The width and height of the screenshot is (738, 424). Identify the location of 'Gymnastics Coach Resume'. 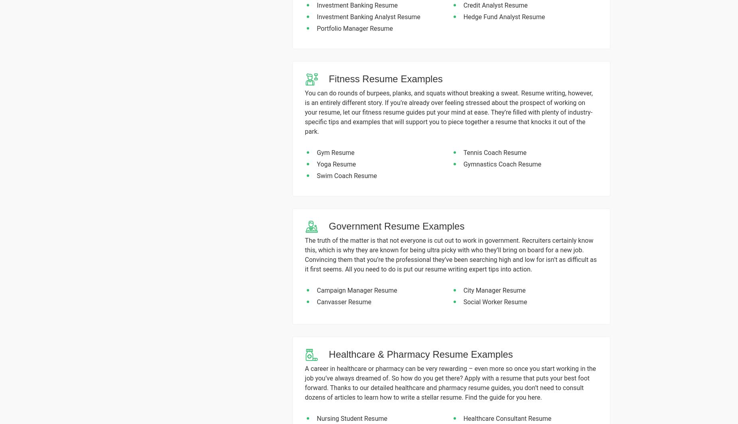
(501, 164).